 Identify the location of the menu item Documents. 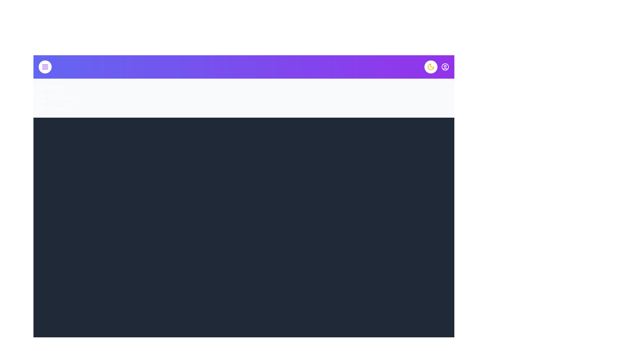
(61, 98).